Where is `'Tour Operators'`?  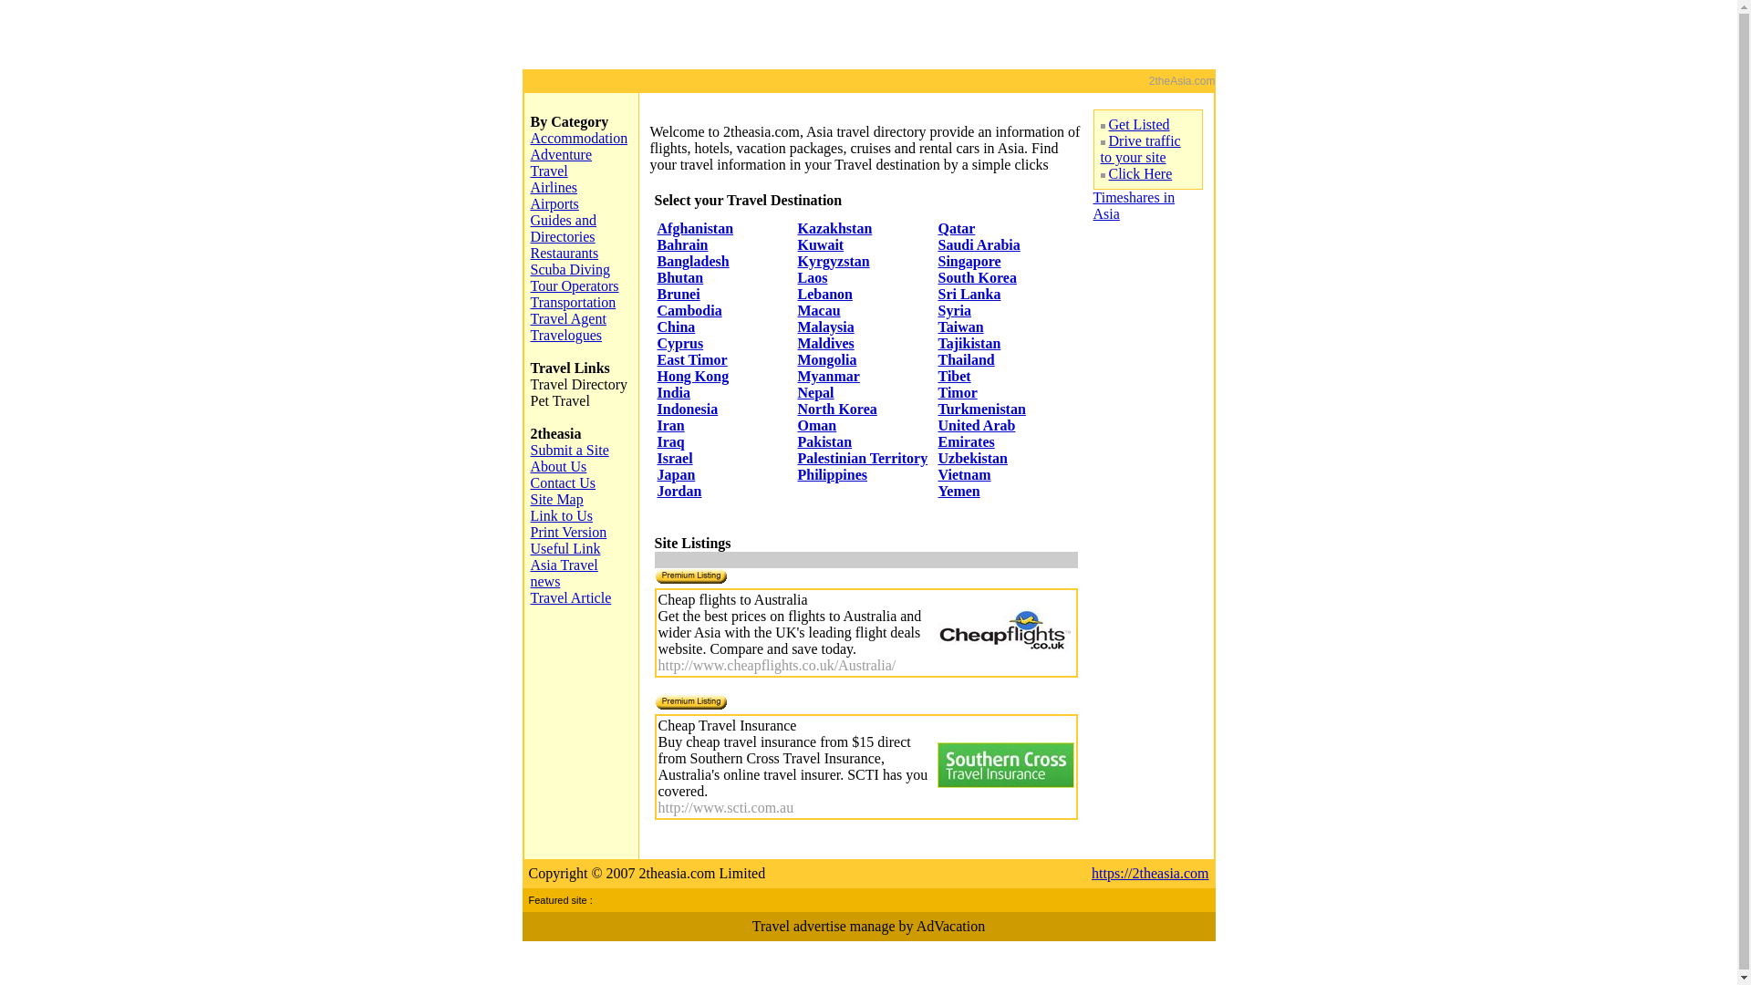 'Tour Operators' is located at coordinates (529, 285).